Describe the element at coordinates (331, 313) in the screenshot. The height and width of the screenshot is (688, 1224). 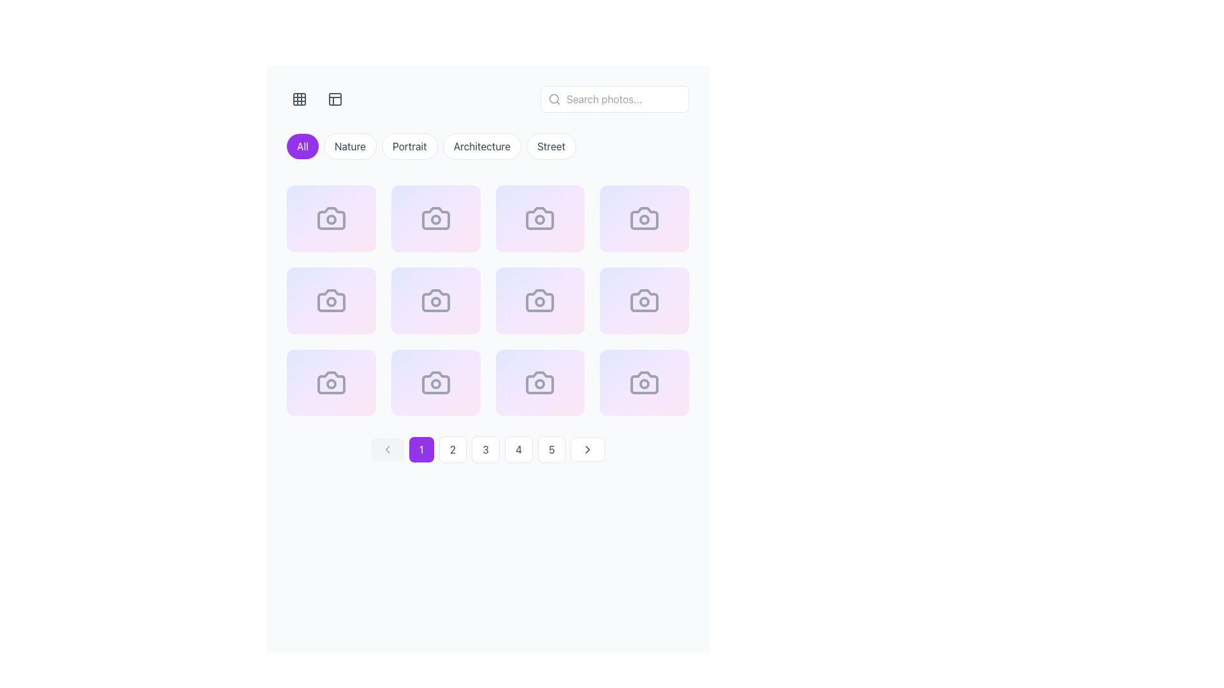
I see `the second button in the horizontally aligned row of action buttons beneath 'Photograph #5'` at that location.